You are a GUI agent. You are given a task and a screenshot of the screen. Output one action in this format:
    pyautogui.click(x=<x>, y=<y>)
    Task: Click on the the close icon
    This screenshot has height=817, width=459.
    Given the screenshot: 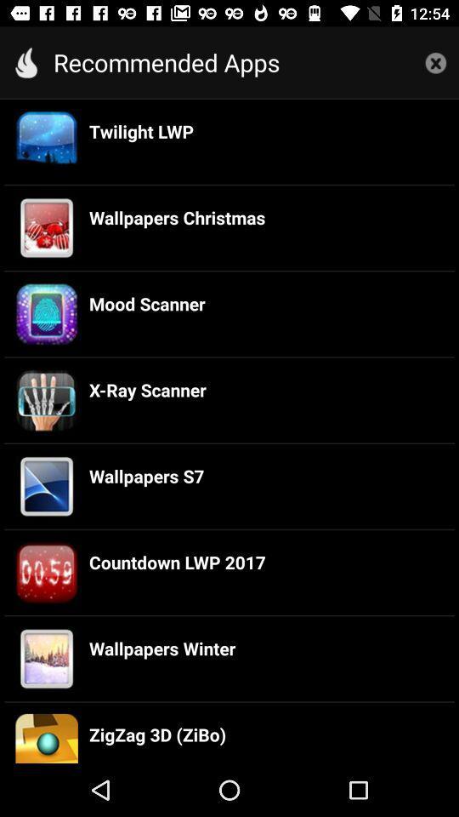 What is the action you would take?
    pyautogui.click(x=439, y=63)
    